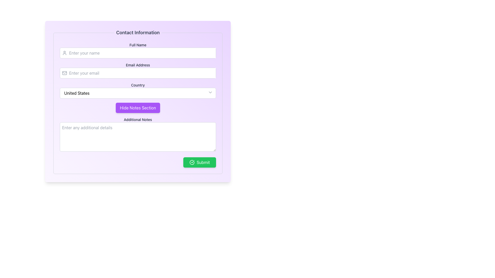 This screenshot has height=278, width=495. What do you see at coordinates (138, 65) in the screenshot?
I see `the 'Email Address' text label` at bounding box center [138, 65].